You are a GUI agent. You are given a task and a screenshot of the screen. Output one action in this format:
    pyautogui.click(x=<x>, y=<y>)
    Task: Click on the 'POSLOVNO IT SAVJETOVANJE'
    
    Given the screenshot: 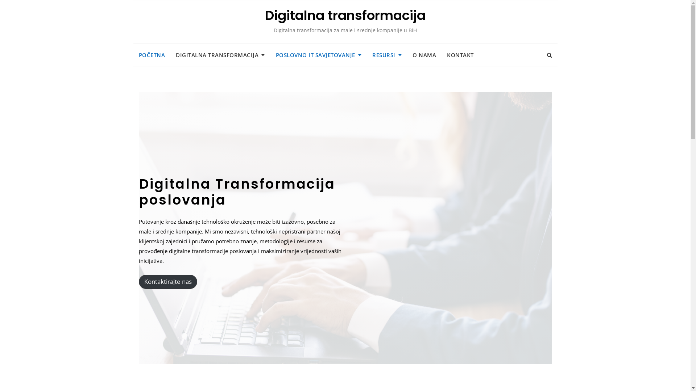 What is the action you would take?
    pyautogui.click(x=319, y=55)
    